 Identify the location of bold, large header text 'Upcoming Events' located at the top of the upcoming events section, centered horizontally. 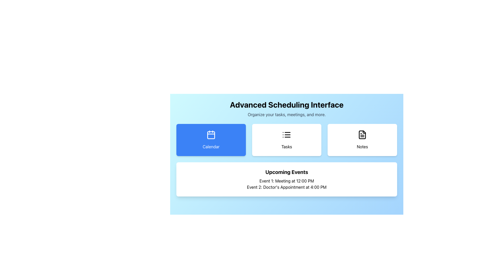
(286, 172).